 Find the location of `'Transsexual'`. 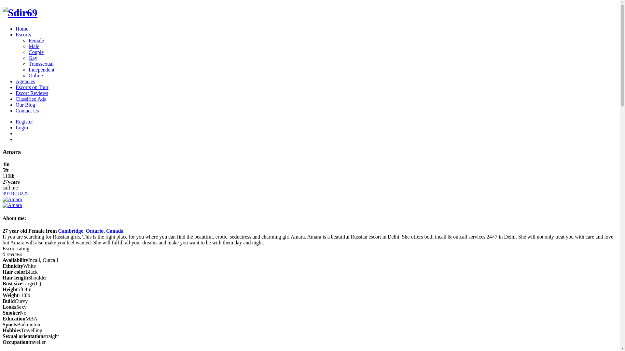

'Transsexual' is located at coordinates (41, 64).